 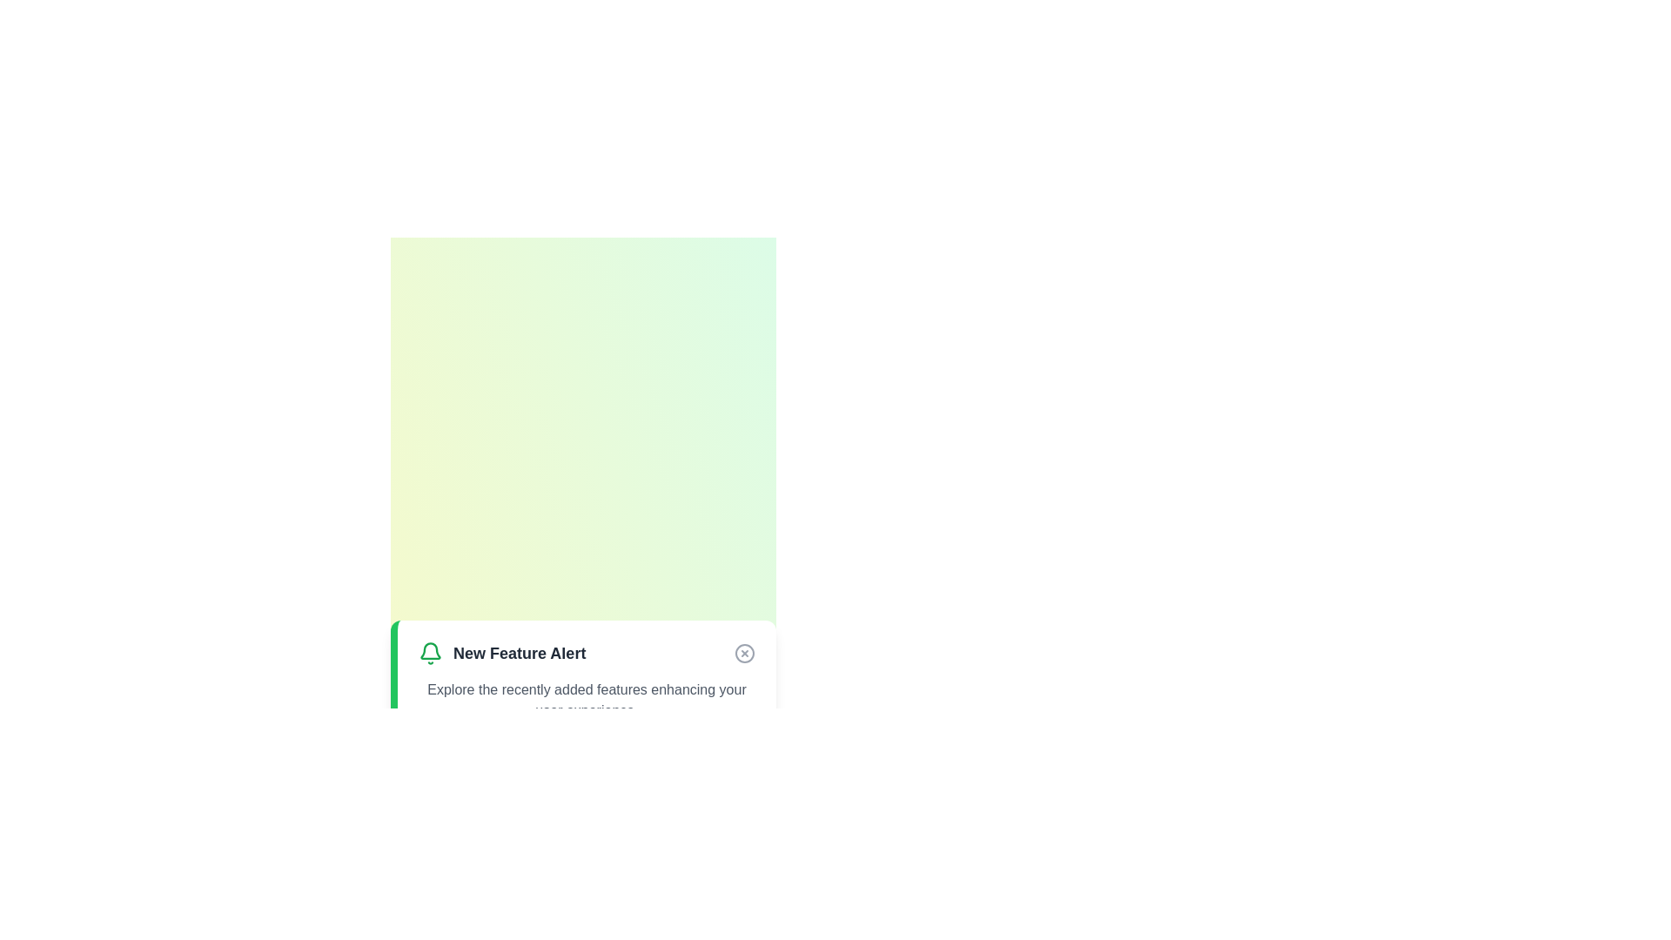 I want to click on static text displaying 'Explore the recently added features enhancing your user experience.' located below the bold header 'New Feature Alert', so click(x=587, y=700).